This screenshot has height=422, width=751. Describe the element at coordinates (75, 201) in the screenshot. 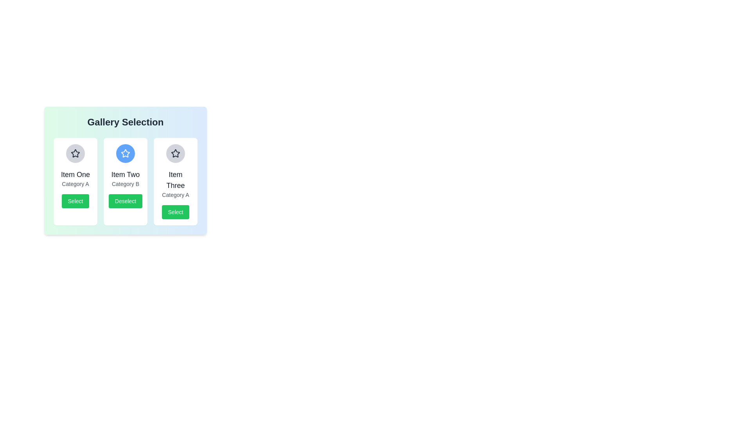

I see `the button corresponding to Item One to toggle its selection state` at that location.